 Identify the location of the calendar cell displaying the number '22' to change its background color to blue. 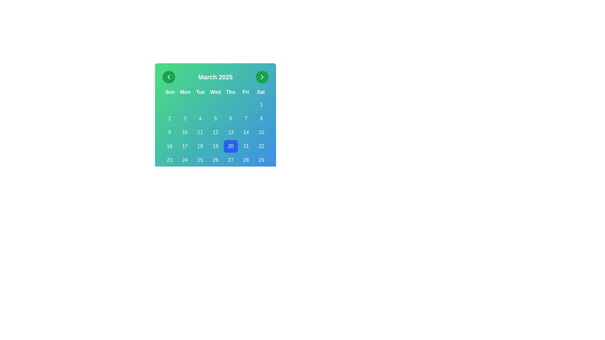
(261, 146).